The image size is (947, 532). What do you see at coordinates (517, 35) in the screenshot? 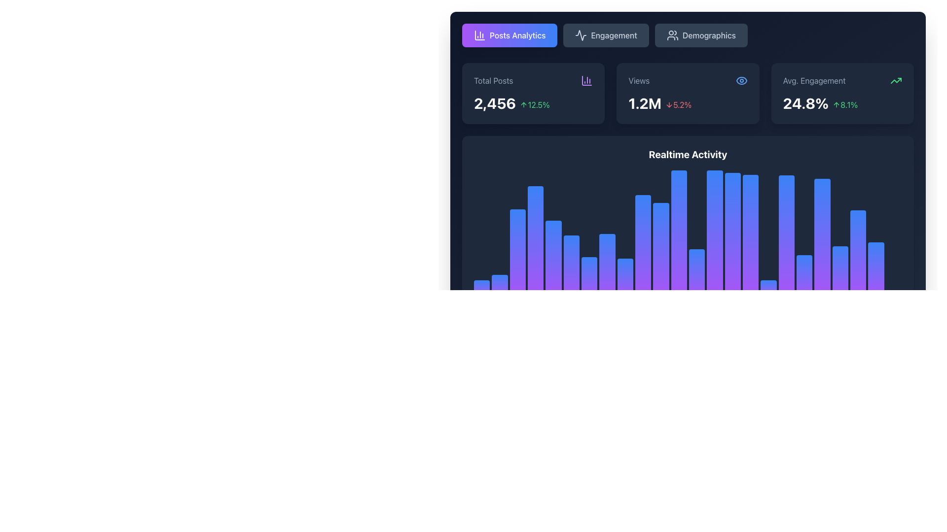
I see `the Text Label that indicates the functionality of the button related` at bounding box center [517, 35].